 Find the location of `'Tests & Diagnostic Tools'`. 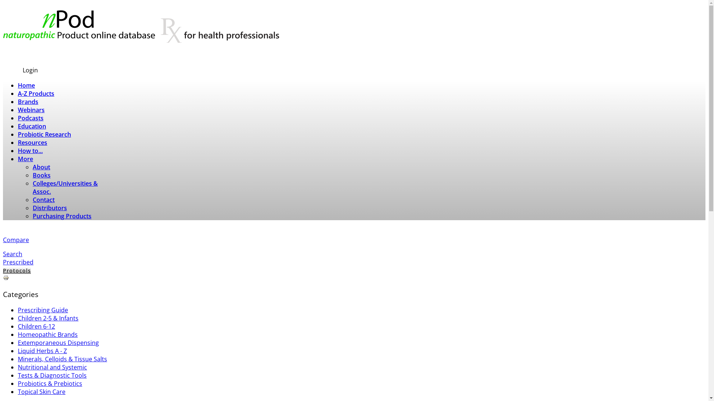

'Tests & Diagnostic Tools' is located at coordinates (52, 375).